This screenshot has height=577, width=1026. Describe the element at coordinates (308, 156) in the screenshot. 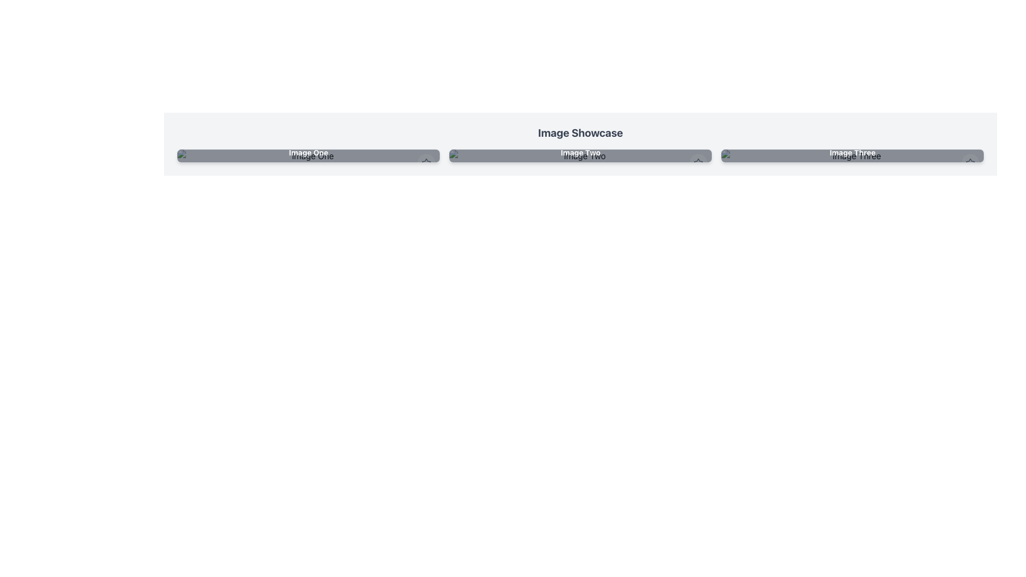

I see `the image with a gray background labeled 'Image One', which is the leftmost element among three horizontally aligned elements` at that location.